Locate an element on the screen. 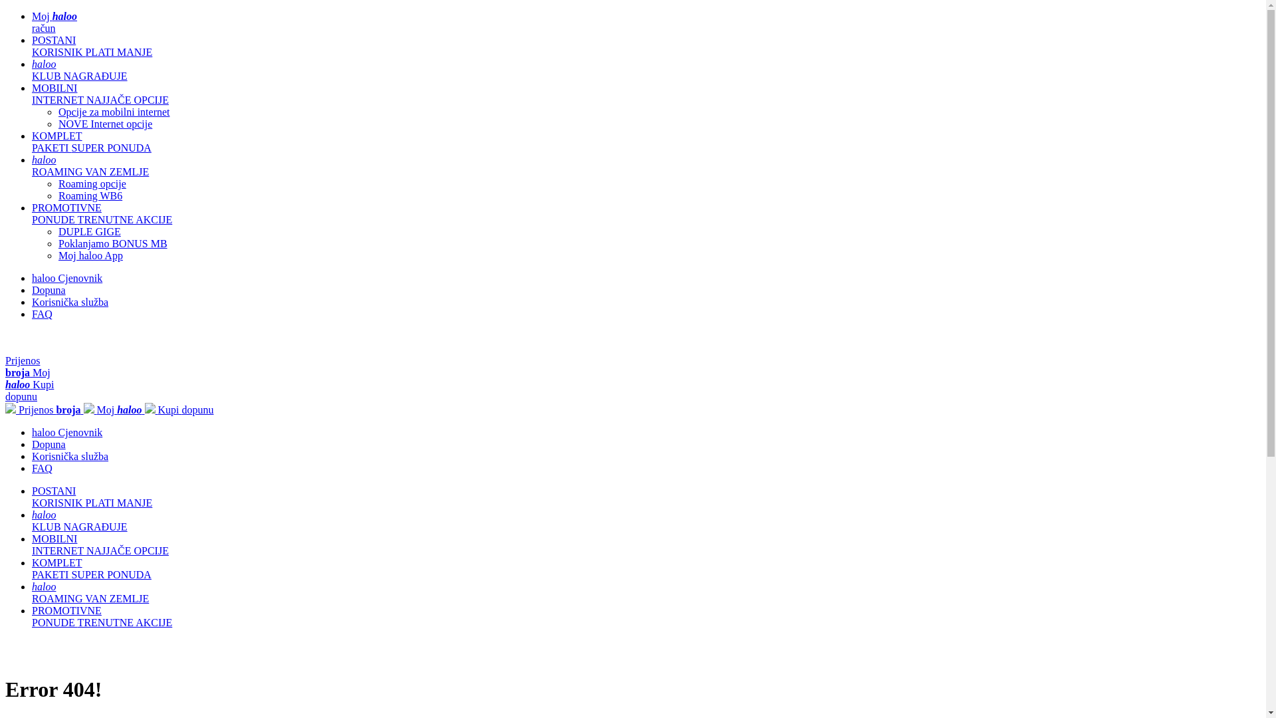 This screenshot has height=718, width=1276. 'POSTANI is located at coordinates (91, 497).